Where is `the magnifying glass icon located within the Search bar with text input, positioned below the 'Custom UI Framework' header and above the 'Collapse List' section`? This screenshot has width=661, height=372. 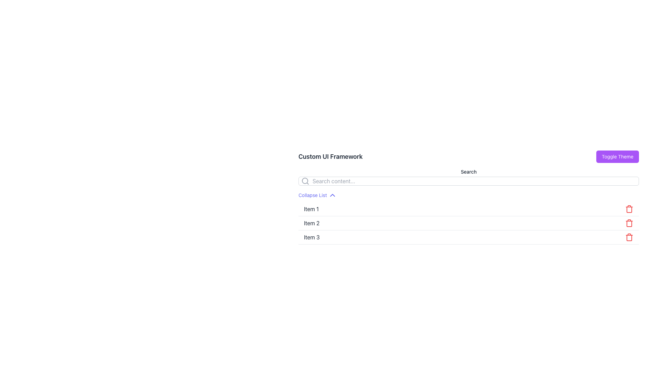
the magnifying glass icon located within the Search bar with text input, positioned below the 'Custom UI Framework' header and above the 'Collapse List' section is located at coordinates (468, 176).